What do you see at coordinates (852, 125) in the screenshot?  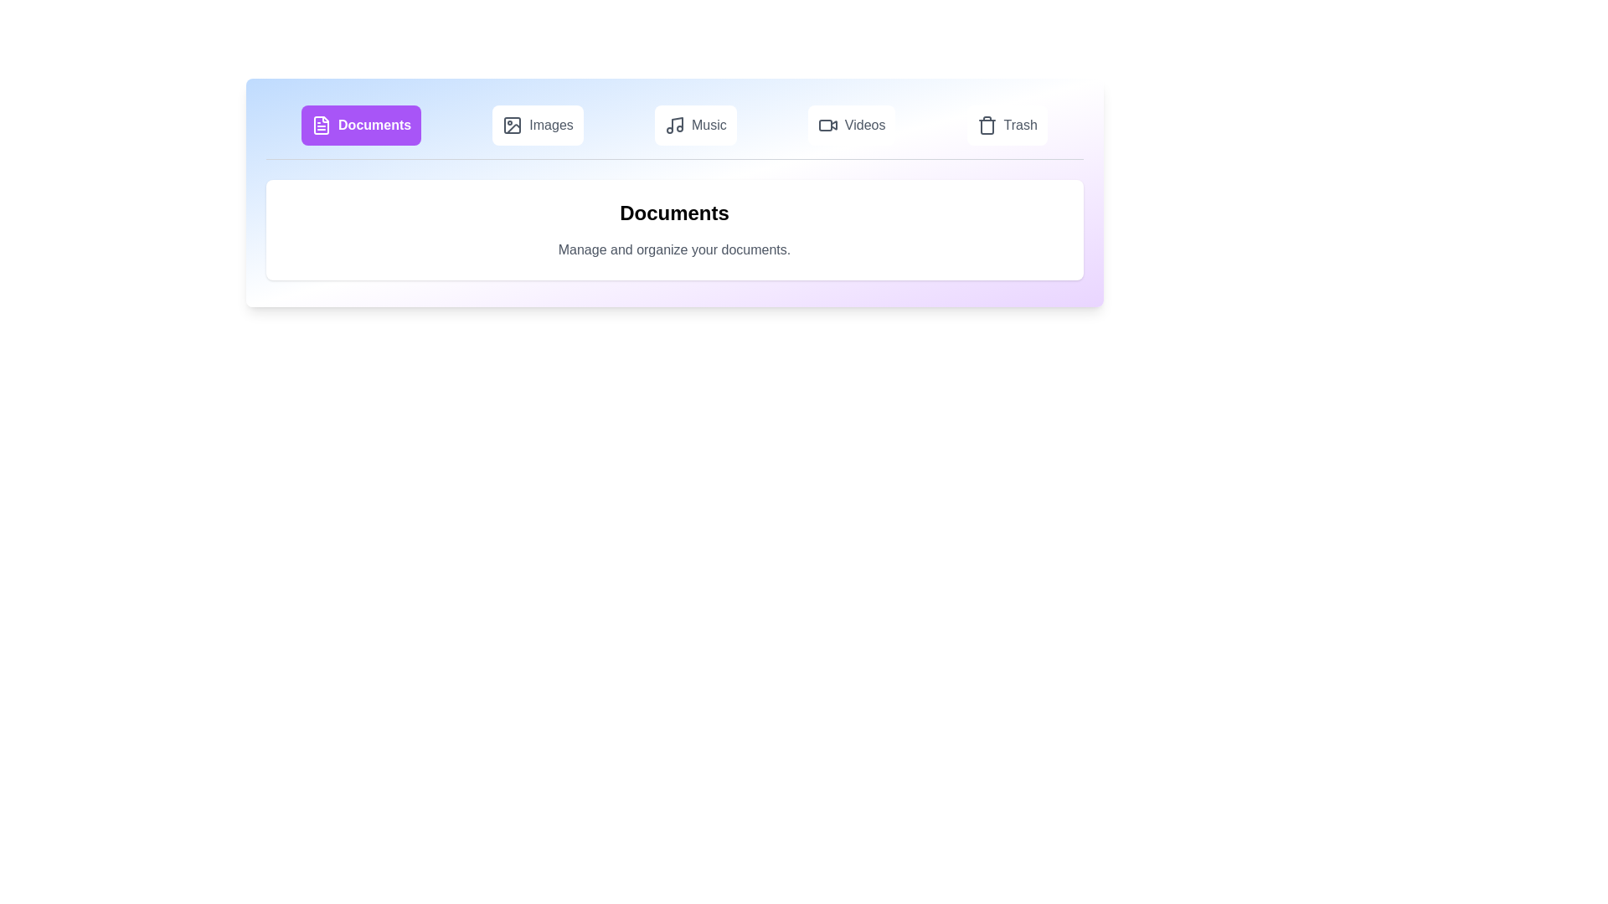 I see `the tab labeled Videos to preview its effect` at bounding box center [852, 125].